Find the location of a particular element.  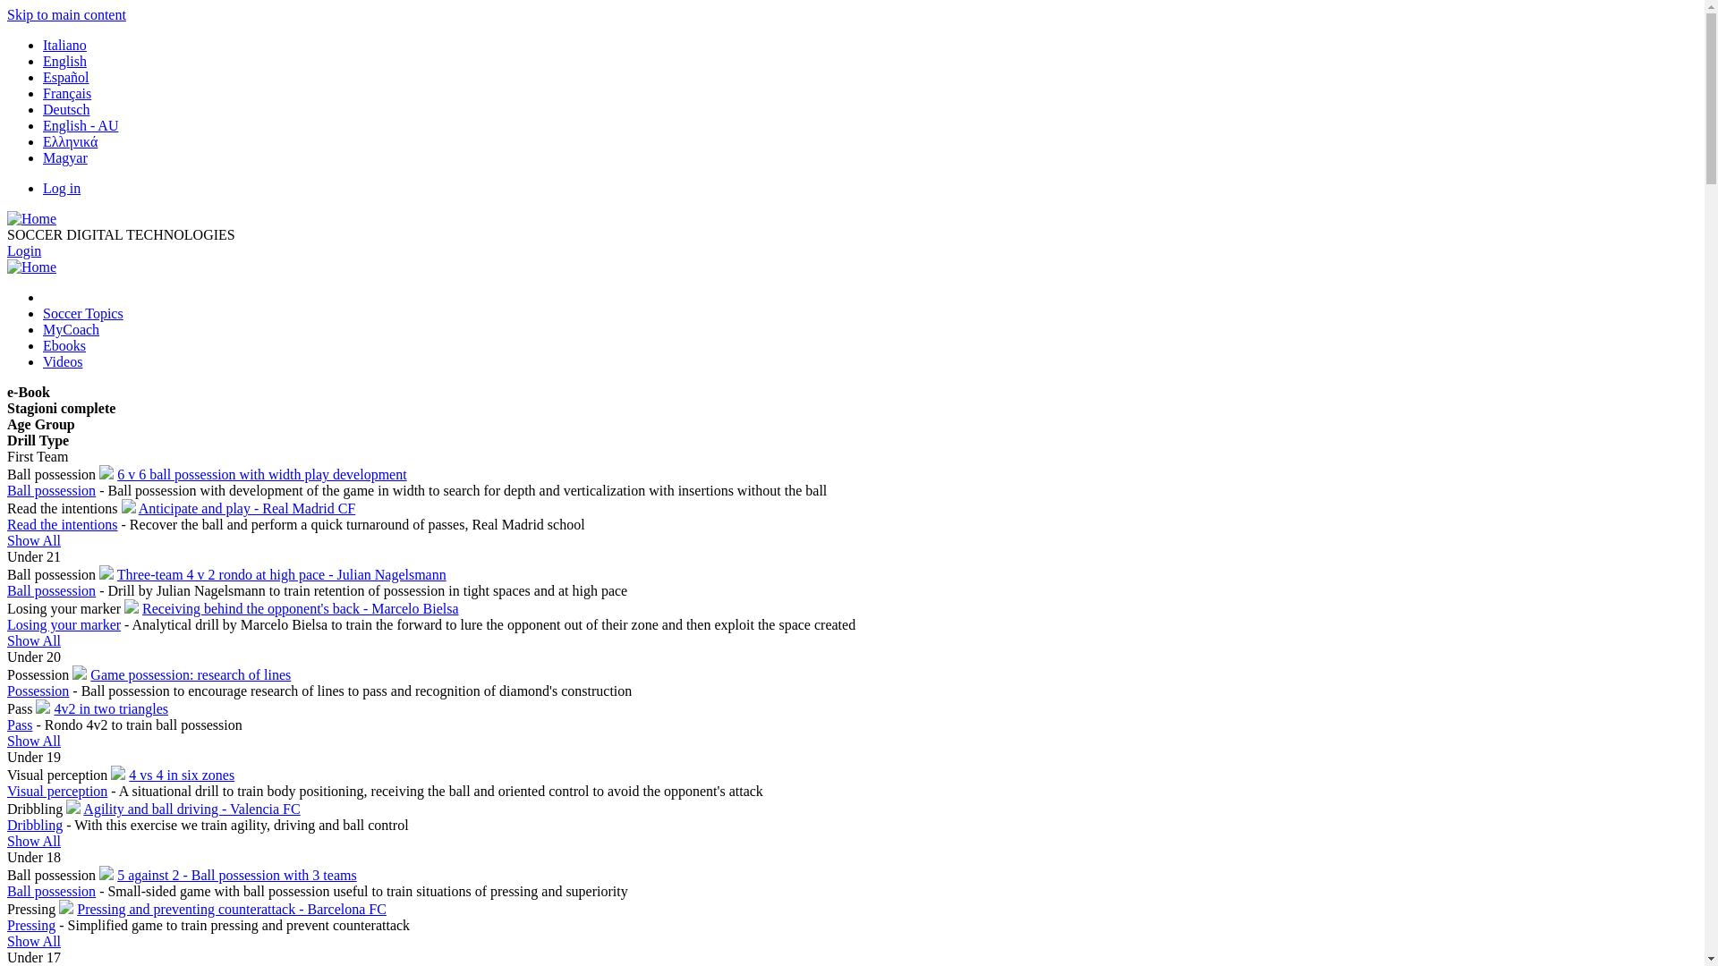

'Anticipate and play - Real Madrid CF' is located at coordinates (246, 508).